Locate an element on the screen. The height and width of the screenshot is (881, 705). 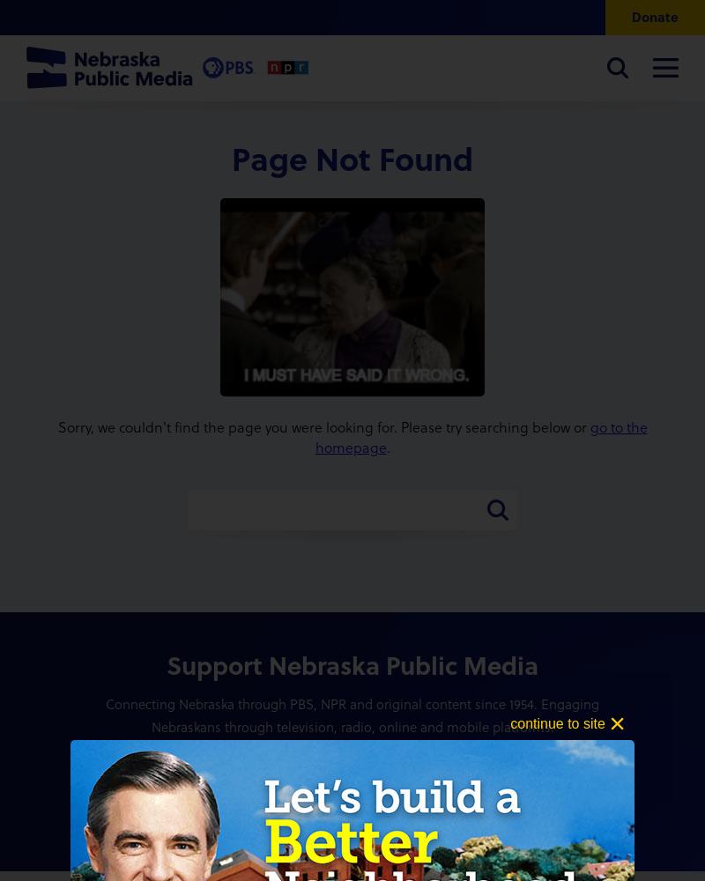
'Podcasts' is located at coordinates (57, 258).